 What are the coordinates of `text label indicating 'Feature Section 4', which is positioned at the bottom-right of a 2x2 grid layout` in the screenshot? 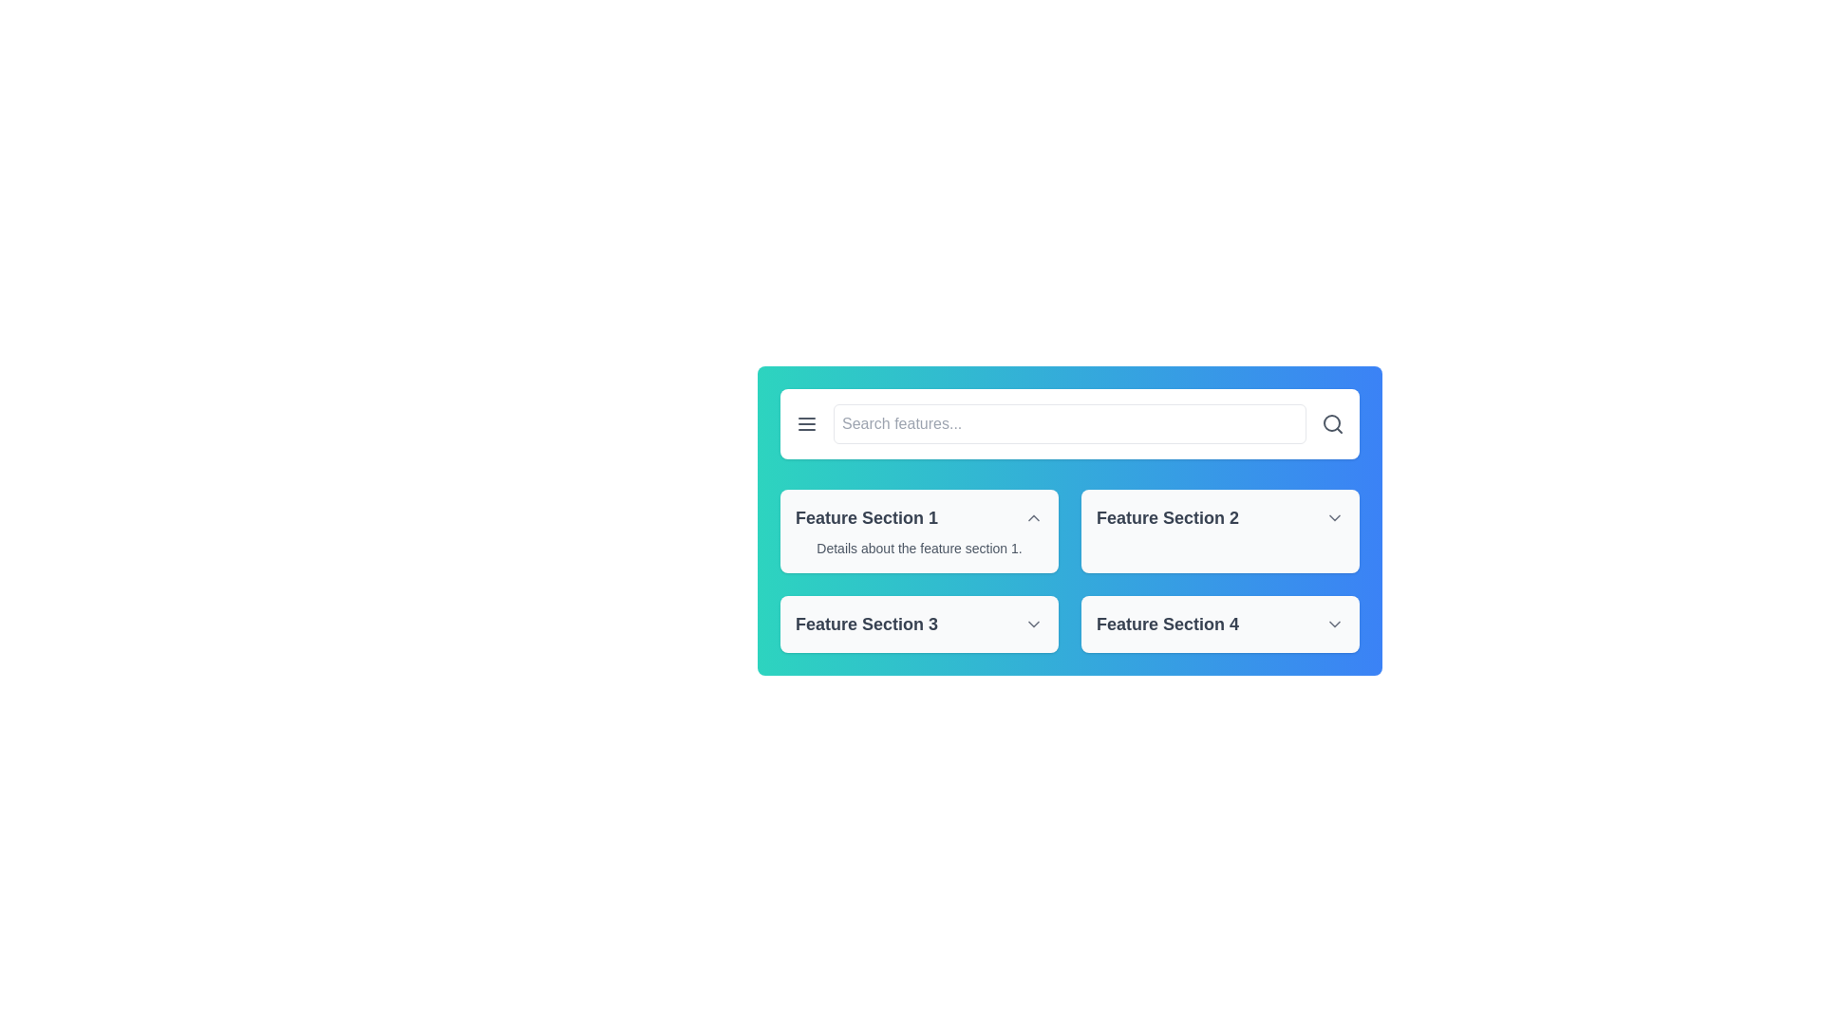 It's located at (1166, 624).